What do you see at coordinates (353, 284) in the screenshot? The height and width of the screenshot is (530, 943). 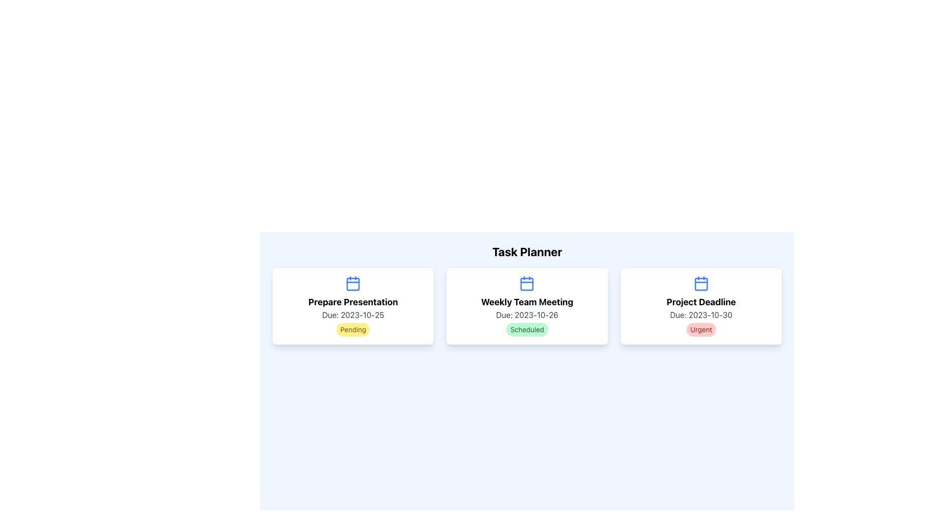 I see `the SVG rectangle representing the main body of the calendar icon in the first task card titled 'Prepare Presentation'` at bounding box center [353, 284].